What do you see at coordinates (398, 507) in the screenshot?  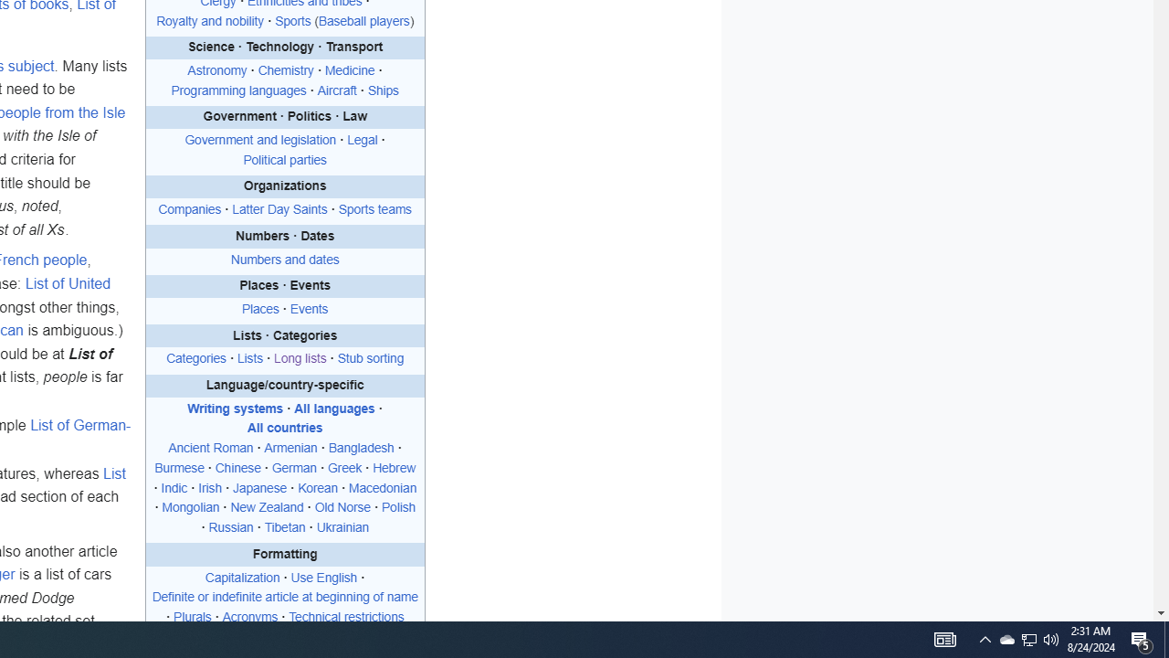 I see `'Polish'` at bounding box center [398, 507].